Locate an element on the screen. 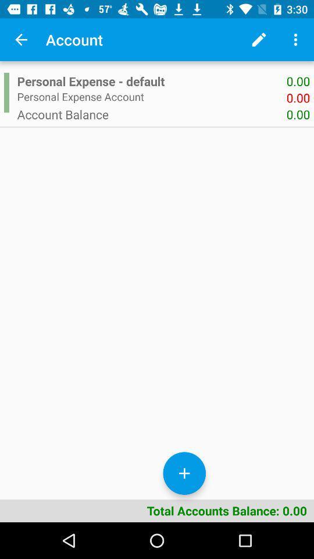 Image resolution: width=314 pixels, height=559 pixels. item below the 0.00 is located at coordinates (152, 114).